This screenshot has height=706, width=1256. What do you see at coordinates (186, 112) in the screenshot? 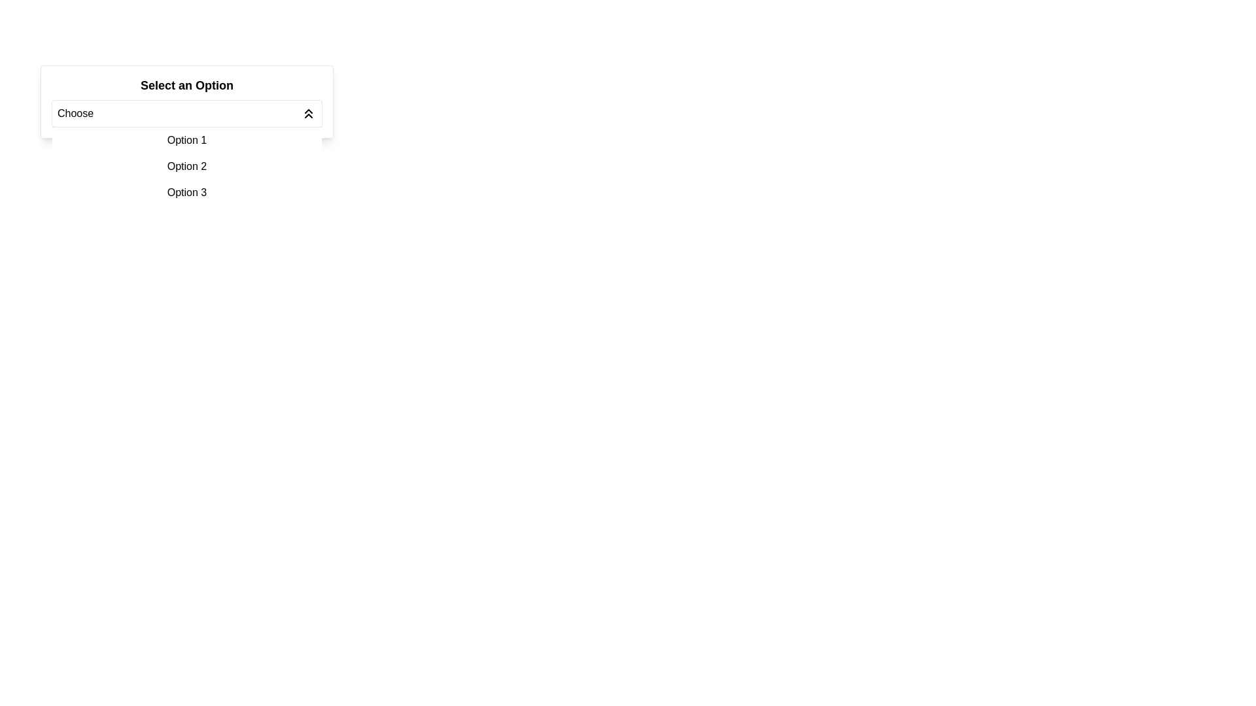
I see `the dropdown menu labeled 'Choose'` at bounding box center [186, 112].